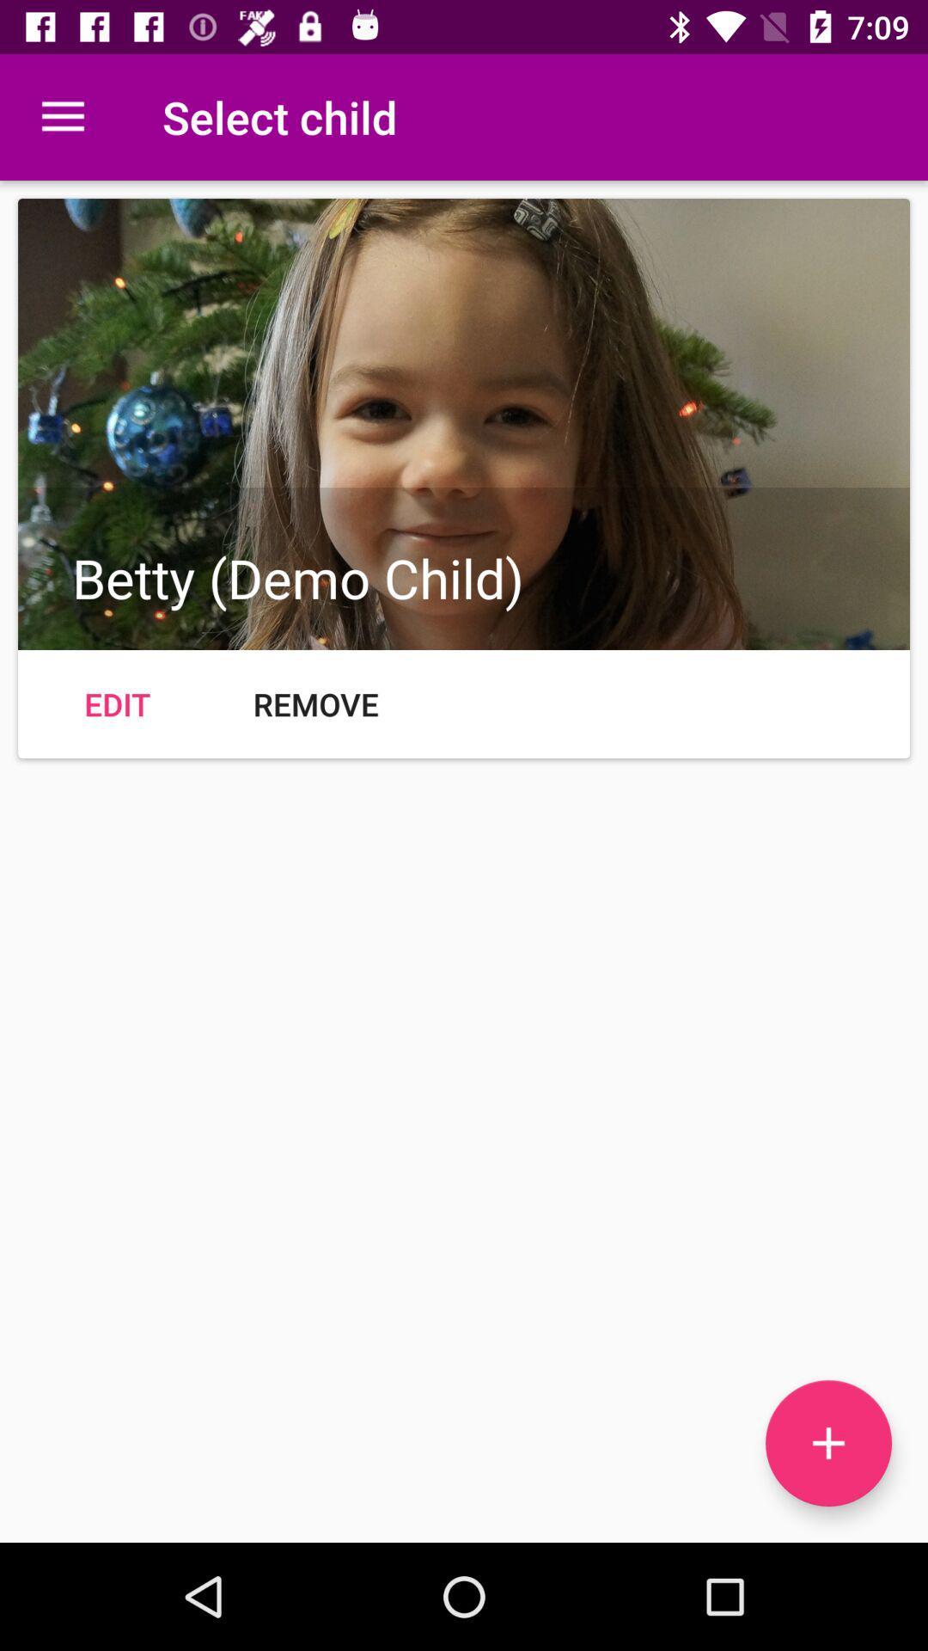 The width and height of the screenshot is (928, 1651). I want to click on the item to the left of remove item, so click(116, 704).